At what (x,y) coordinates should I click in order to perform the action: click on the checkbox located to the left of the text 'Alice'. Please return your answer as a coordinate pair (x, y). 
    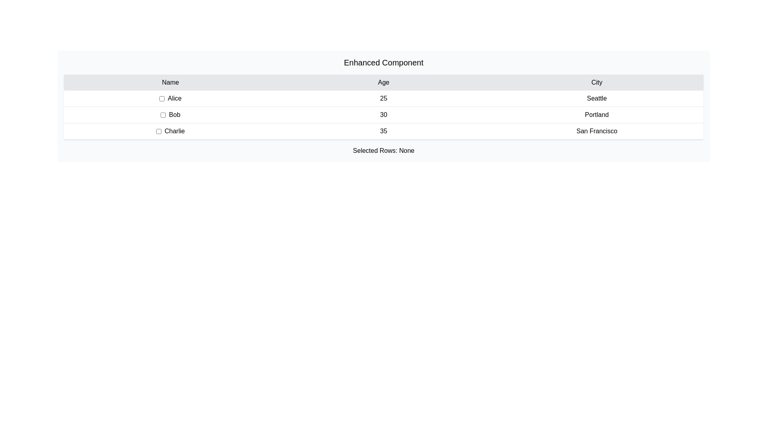
    Looking at the image, I should click on (161, 98).